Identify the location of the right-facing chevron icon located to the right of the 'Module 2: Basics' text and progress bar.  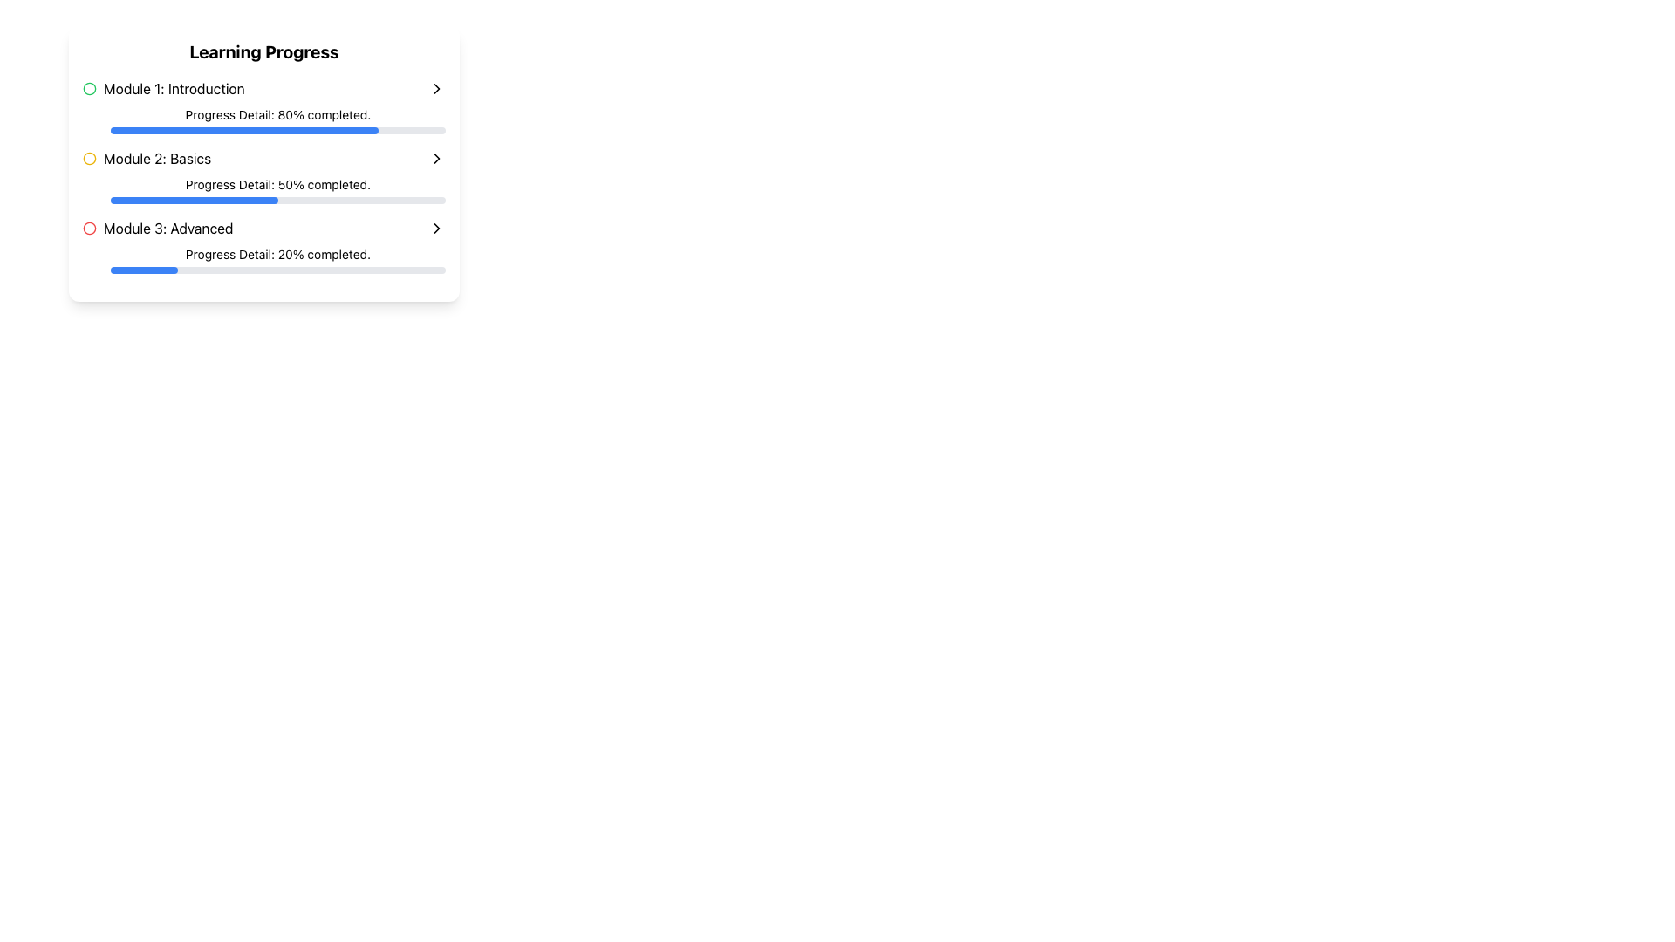
(436, 158).